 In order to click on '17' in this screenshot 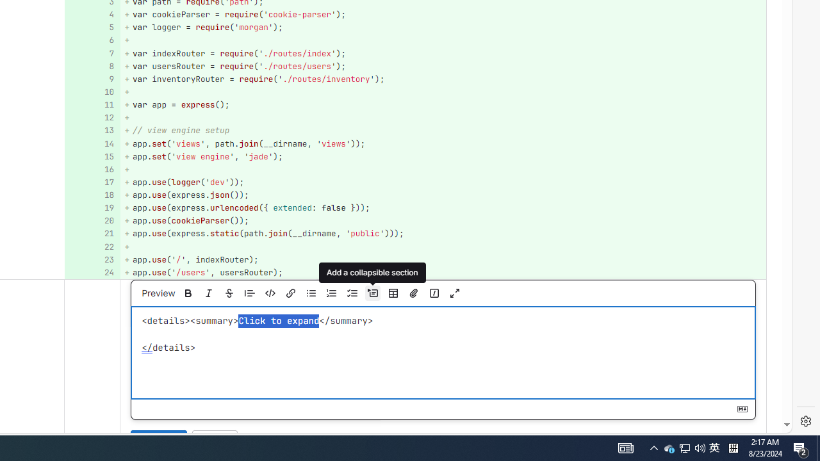, I will do `click(90, 182)`.